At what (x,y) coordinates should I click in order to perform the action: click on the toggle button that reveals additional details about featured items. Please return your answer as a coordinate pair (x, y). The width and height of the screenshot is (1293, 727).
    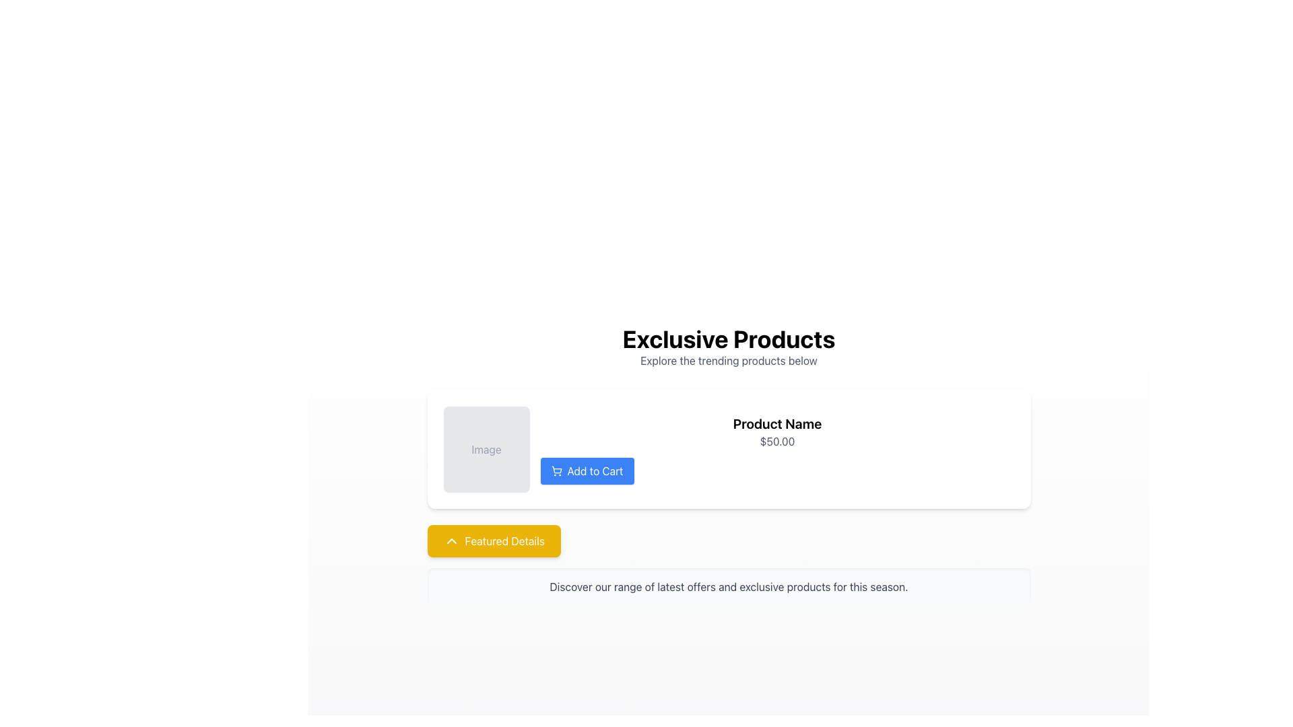
    Looking at the image, I should click on (493, 540).